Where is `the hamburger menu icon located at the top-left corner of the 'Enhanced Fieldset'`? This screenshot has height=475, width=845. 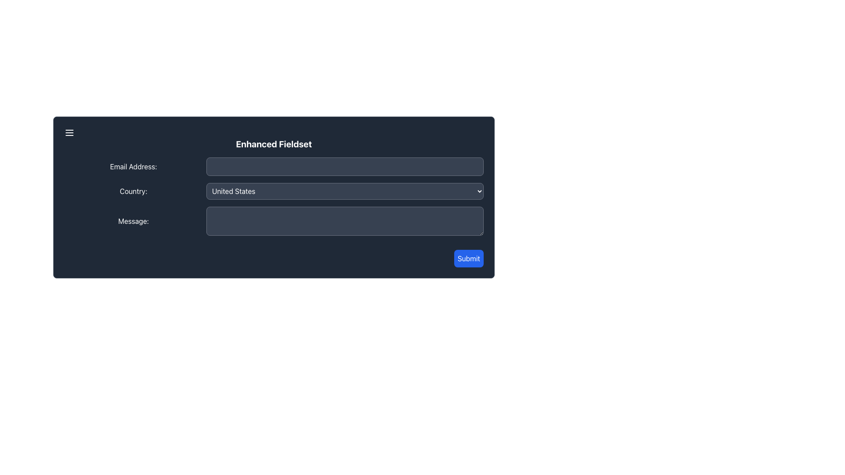 the hamburger menu icon located at the top-left corner of the 'Enhanced Fieldset' is located at coordinates (69, 132).